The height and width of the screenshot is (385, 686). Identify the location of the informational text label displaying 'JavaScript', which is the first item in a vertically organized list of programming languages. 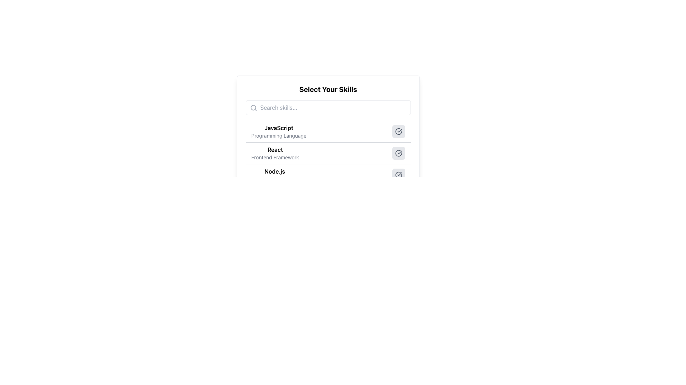
(278, 132).